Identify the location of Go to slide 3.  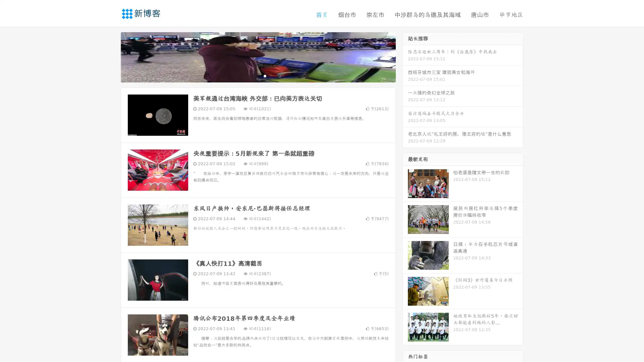
(265, 75).